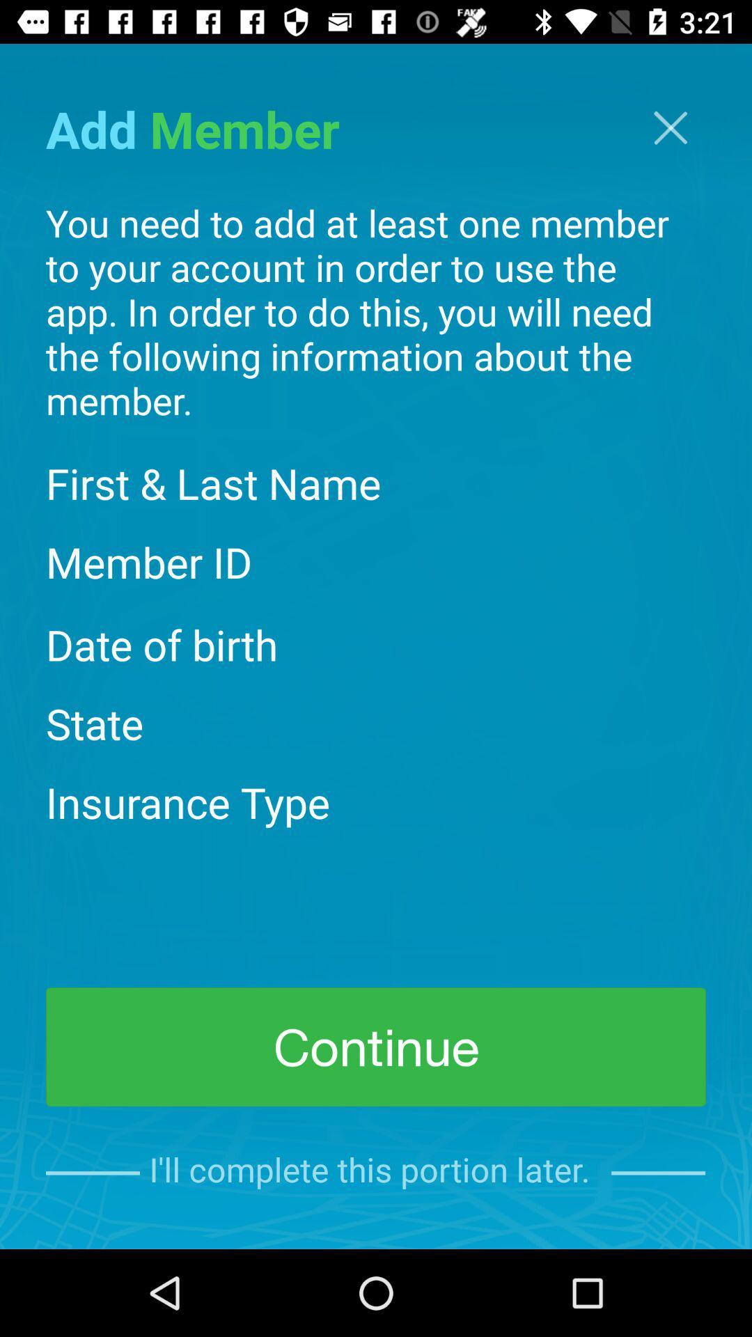  Describe the element at coordinates (376, 1047) in the screenshot. I see `the continue item` at that location.